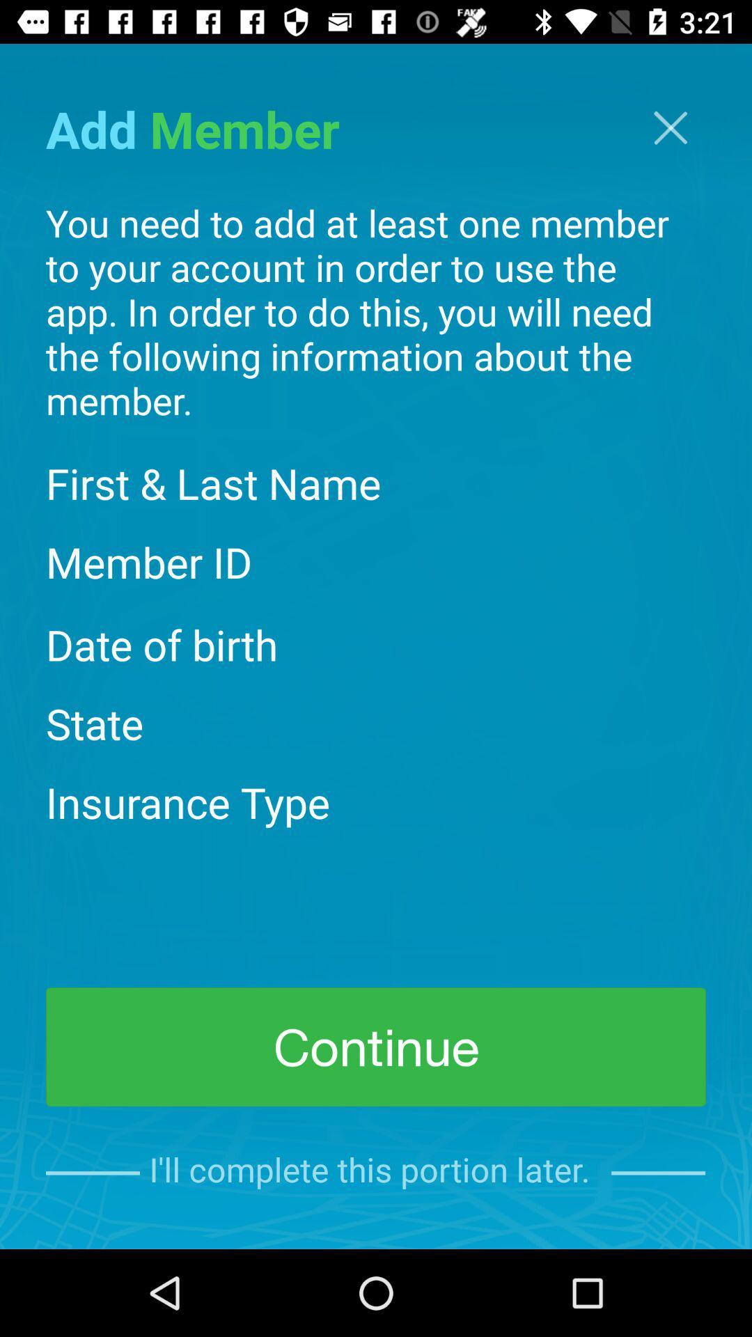  Describe the element at coordinates (376, 1047) in the screenshot. I see `the continue item` at that location.